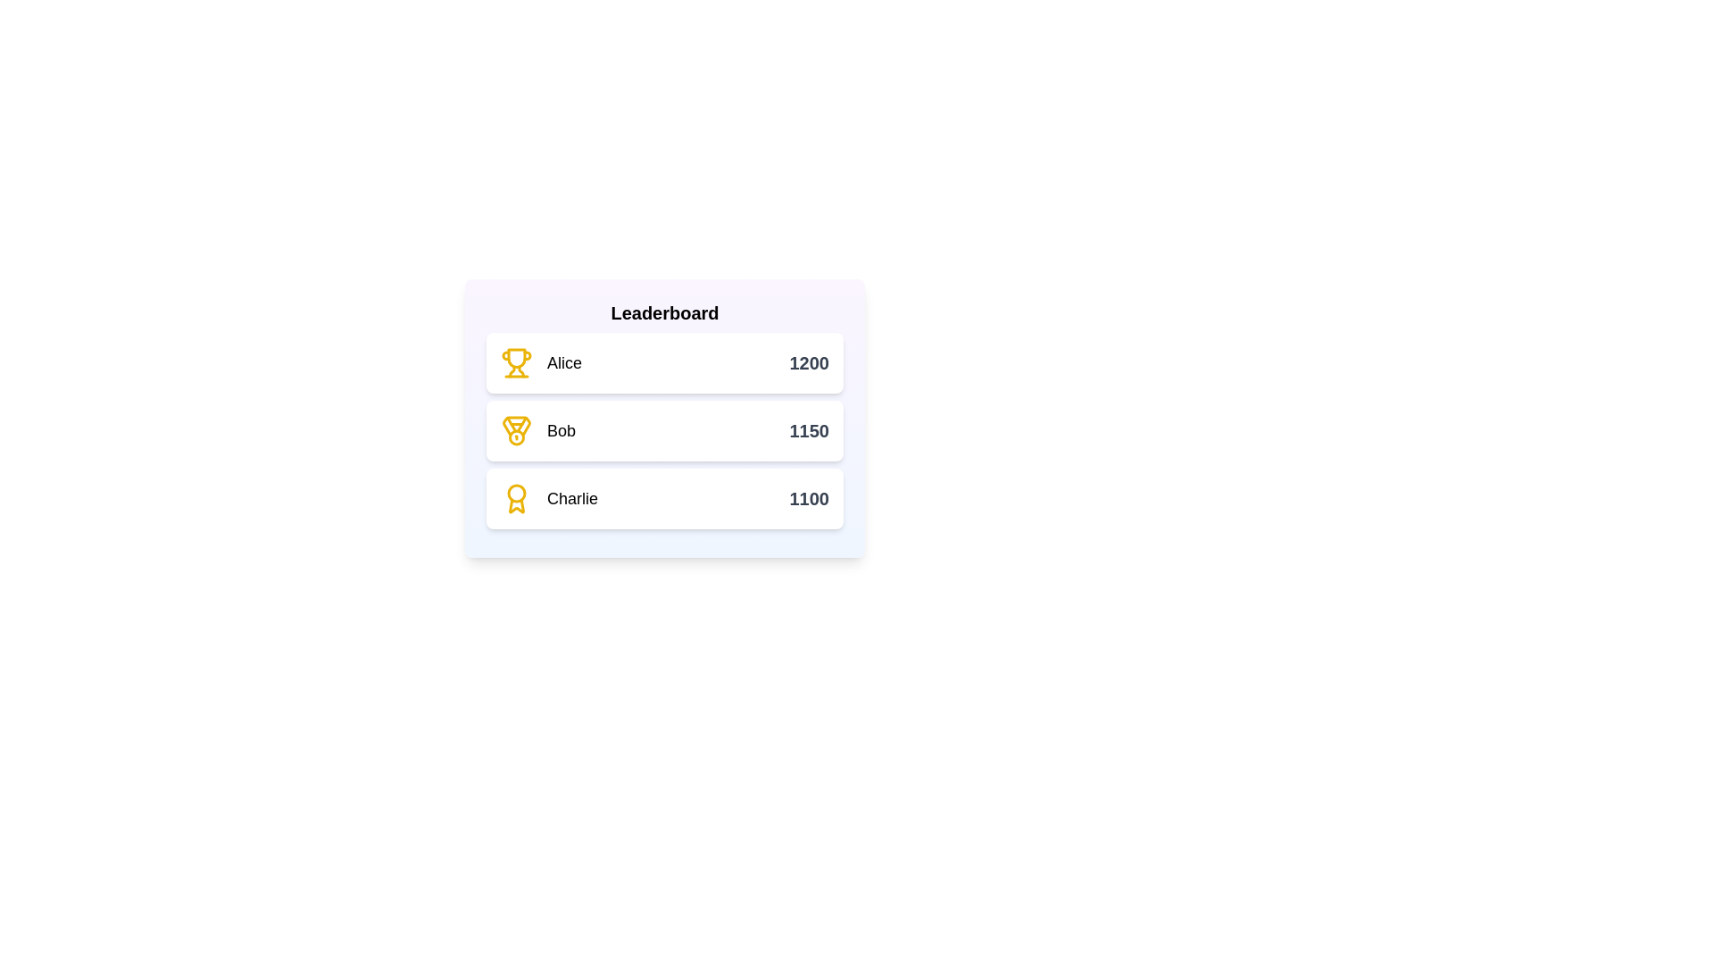 The width and height of the screenshot is (1714, 964). I want to click on the leaderboard item corresponding to Bob to observe the hover effect, so click(663, 430).